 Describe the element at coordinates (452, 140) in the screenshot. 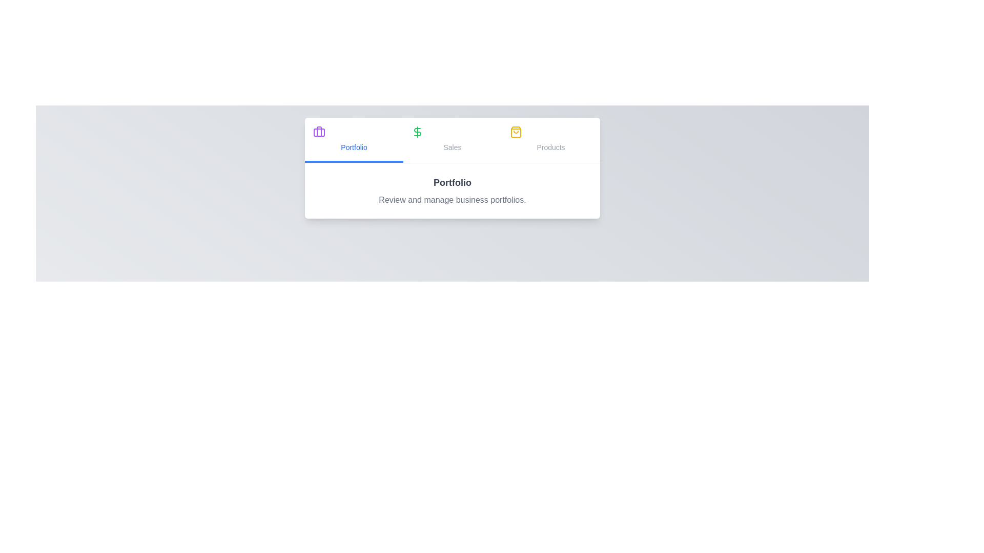

I see `the Sales tab` at that location.